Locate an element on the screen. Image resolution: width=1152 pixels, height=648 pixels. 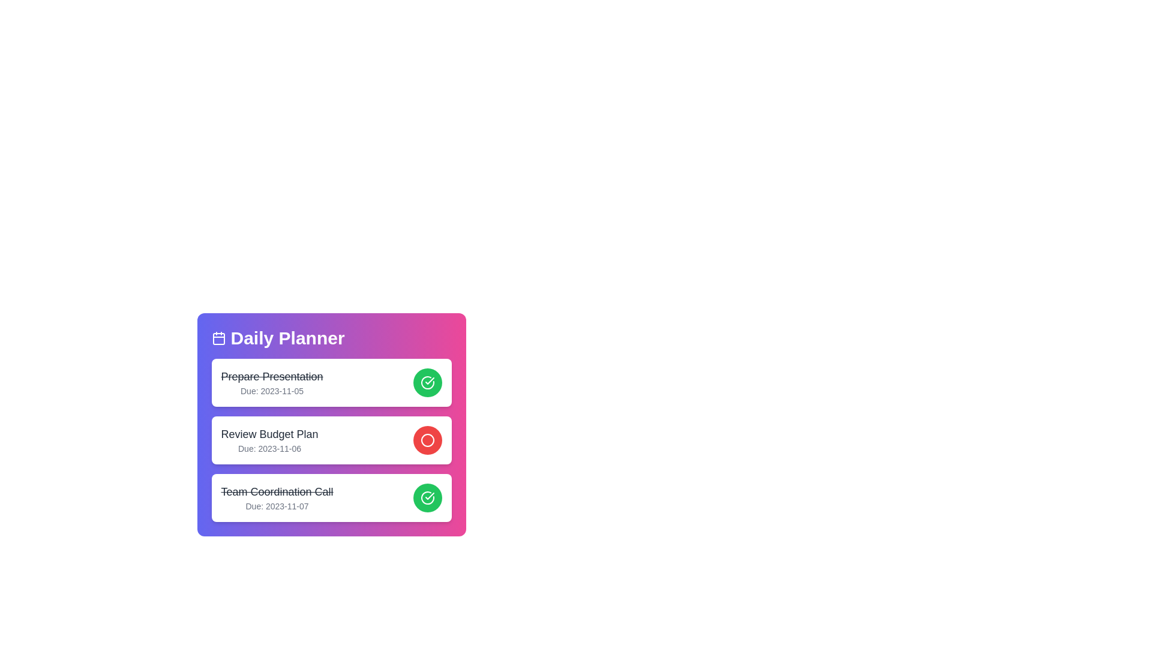
status button for the task identified by Prepare Presentation is located at coordinates (427, 382).